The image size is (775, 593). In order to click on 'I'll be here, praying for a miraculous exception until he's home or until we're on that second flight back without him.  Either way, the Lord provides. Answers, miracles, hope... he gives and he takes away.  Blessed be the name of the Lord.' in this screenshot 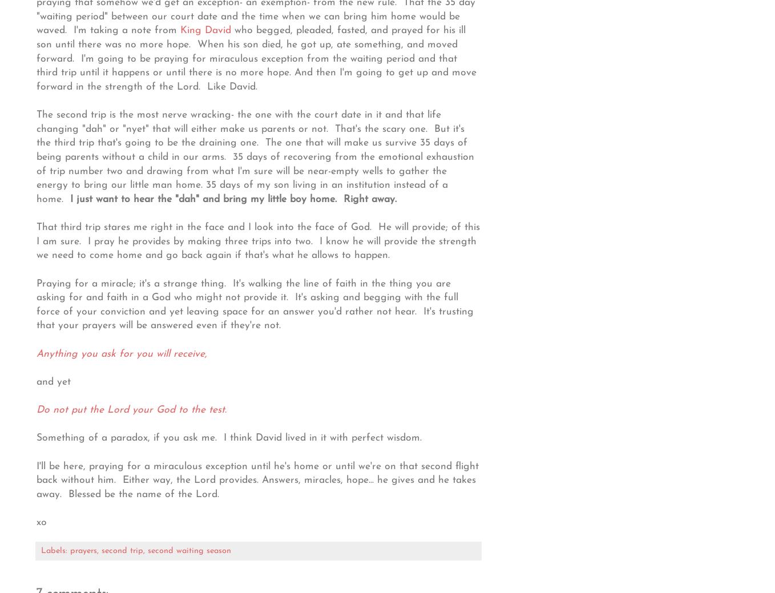, I will do `click(36, 479)`.